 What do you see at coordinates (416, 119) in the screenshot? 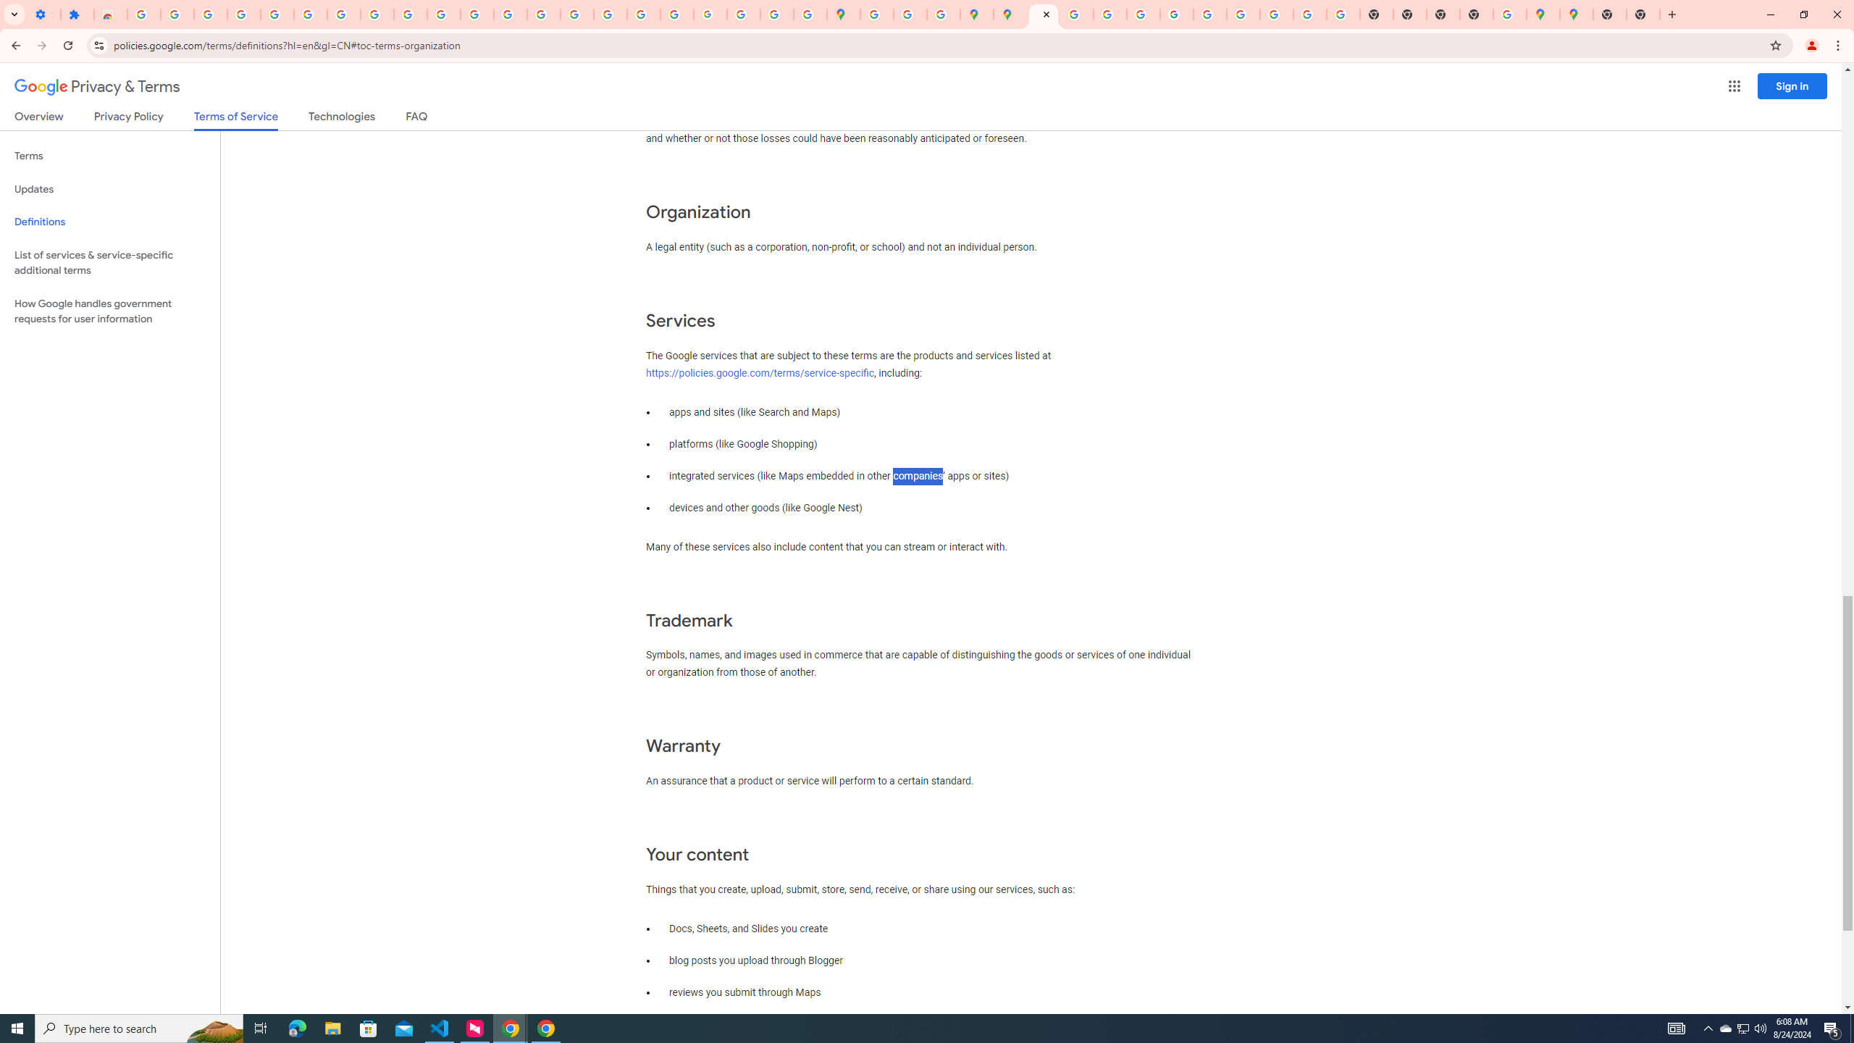
I see `'FAQ'` at bounding box center [416, 119].